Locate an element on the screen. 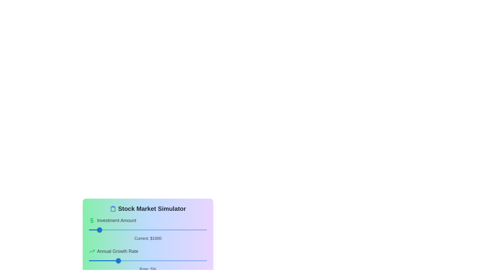 This screenshot has width=489, height=275. the slider value is located at coordinates (120, 260).